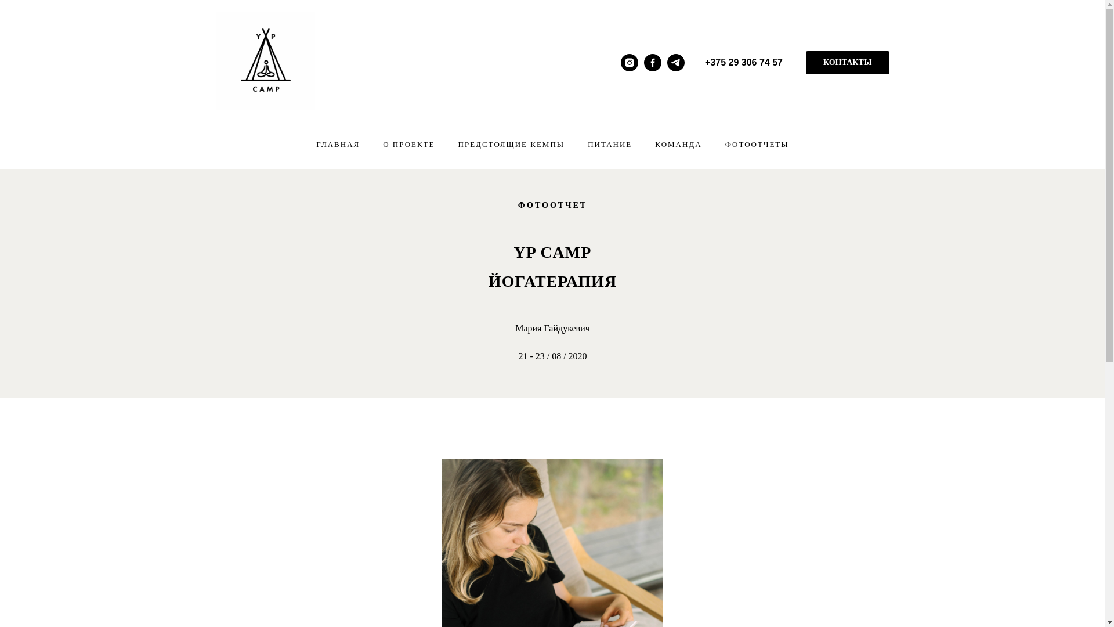 The image size is (1114, 627). I want to click on 'Telegram', so click(667, 63).